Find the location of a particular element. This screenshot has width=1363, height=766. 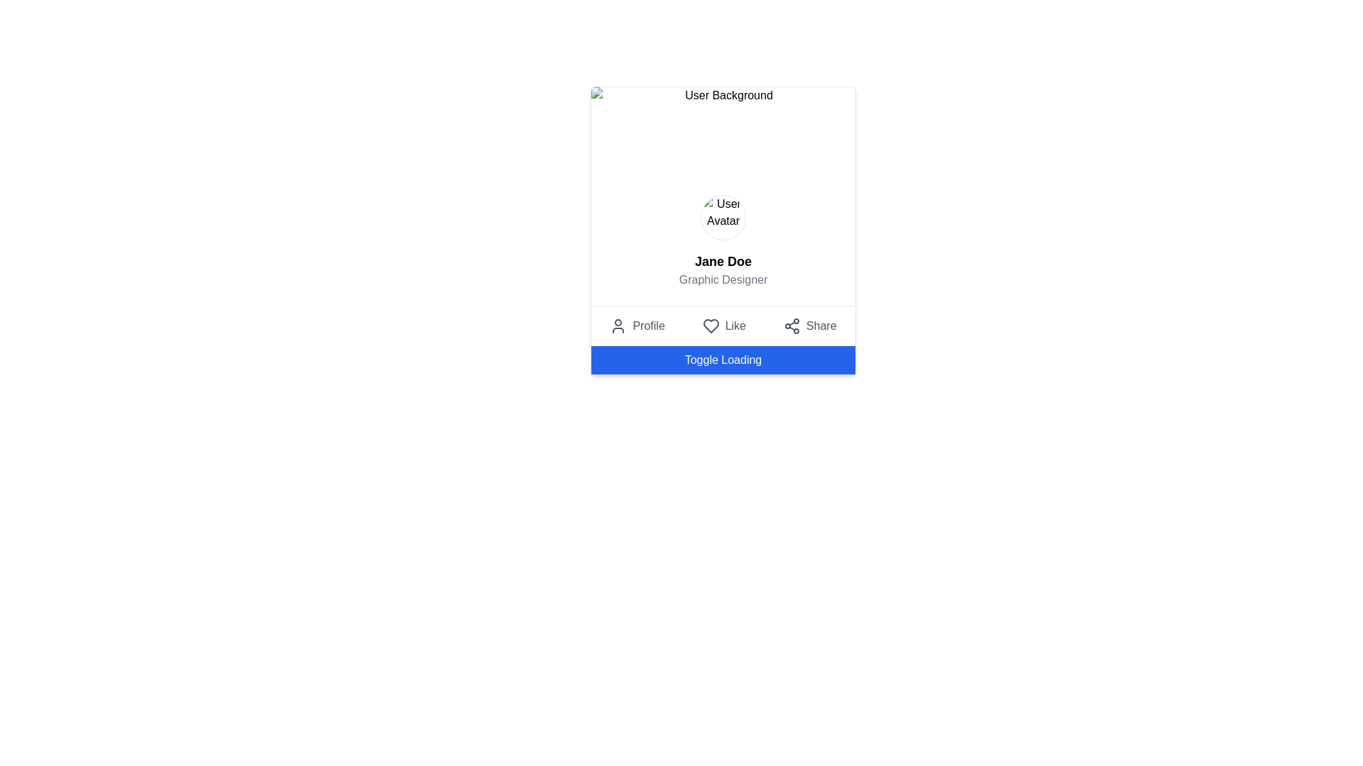

the profile icon located on the left side of the footer section, adjacent to the 'Like' and share icons, which is labeled 'Profile' is located at coordinates (618, 326).